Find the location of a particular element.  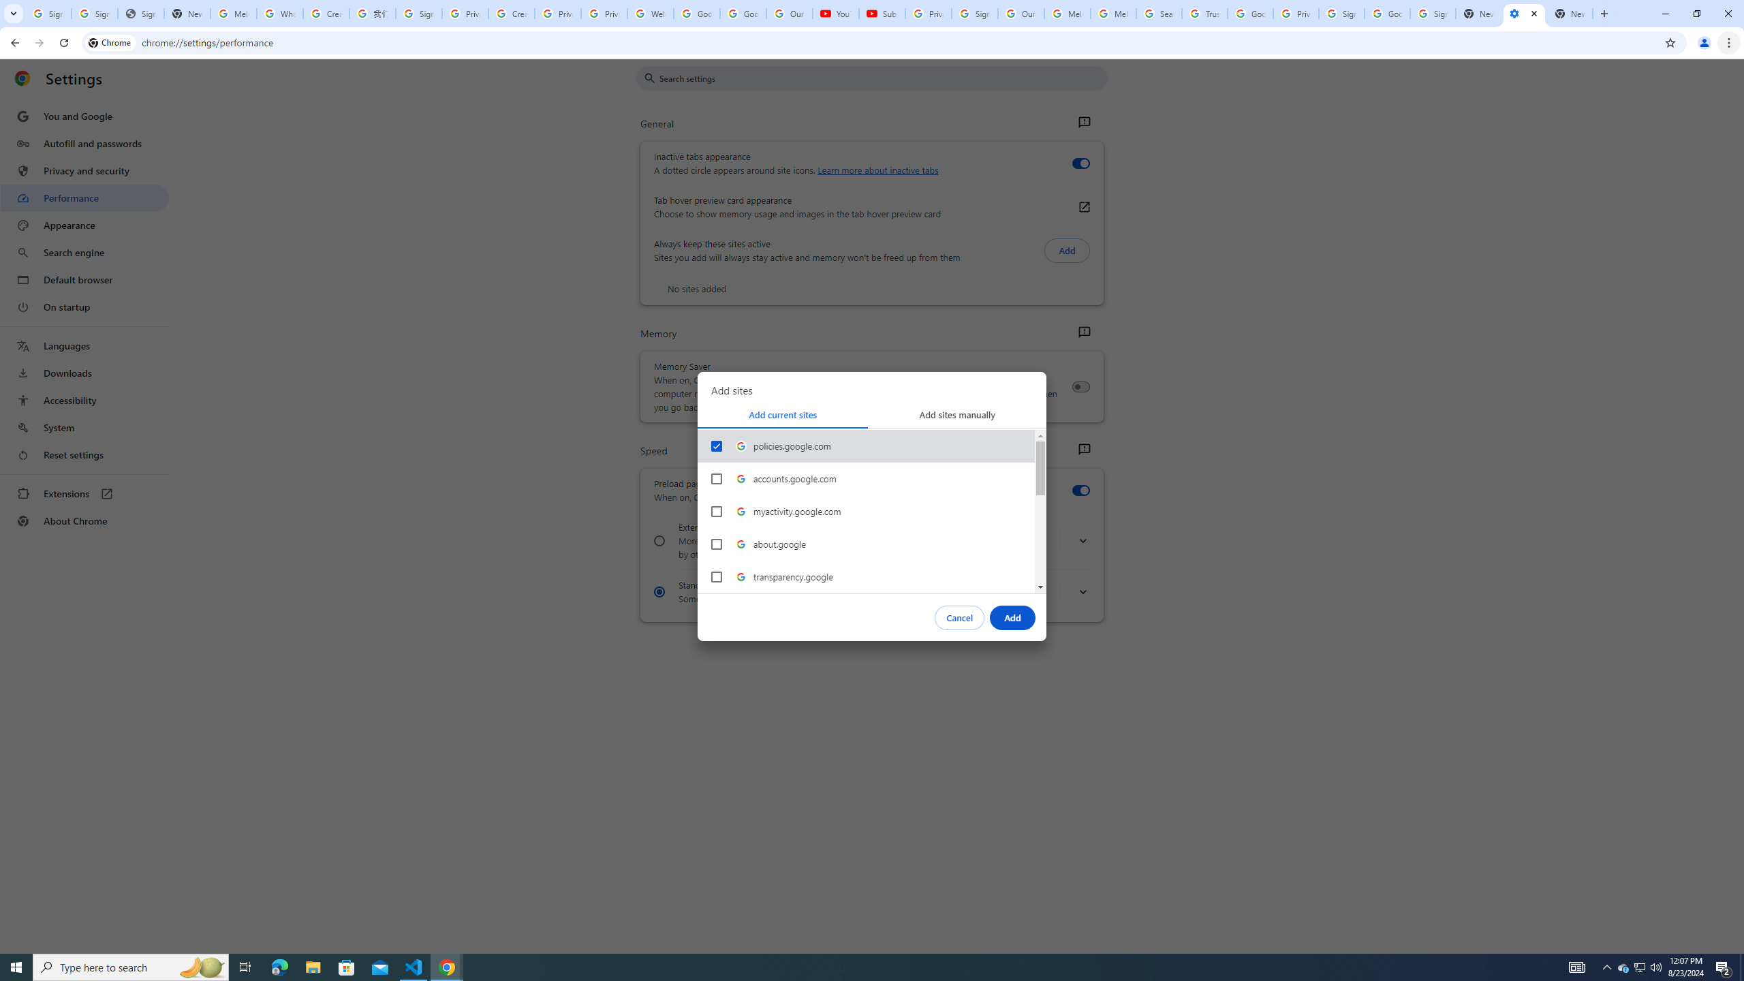

'Settings - Performance' is located at coordinates (1524, 13).